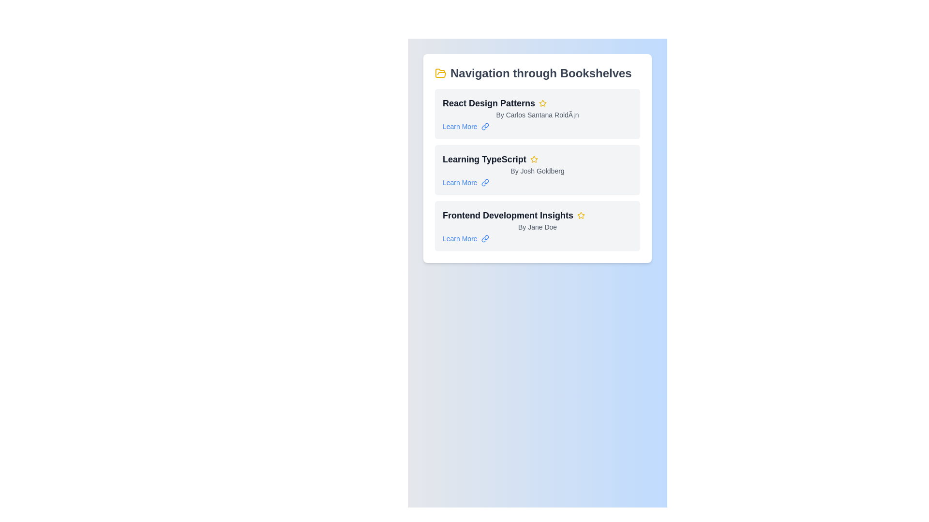 This screenshot has width=929, height=522. Describe the element at coordinates (537, 171) in the screenshot. I see `the text element that contains the phrase 'By Josh Goldberg', styled with a smaller gray font, located beneath the title 'Learning TypeScript' and above the 'Learn More' link` at that location.